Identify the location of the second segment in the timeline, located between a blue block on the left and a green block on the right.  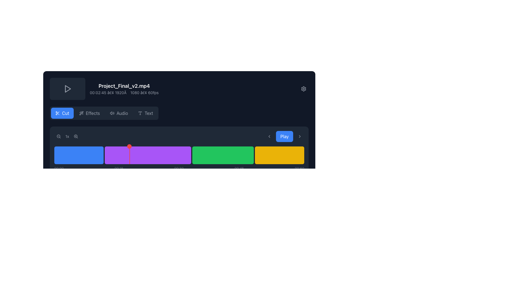
(148, 155).